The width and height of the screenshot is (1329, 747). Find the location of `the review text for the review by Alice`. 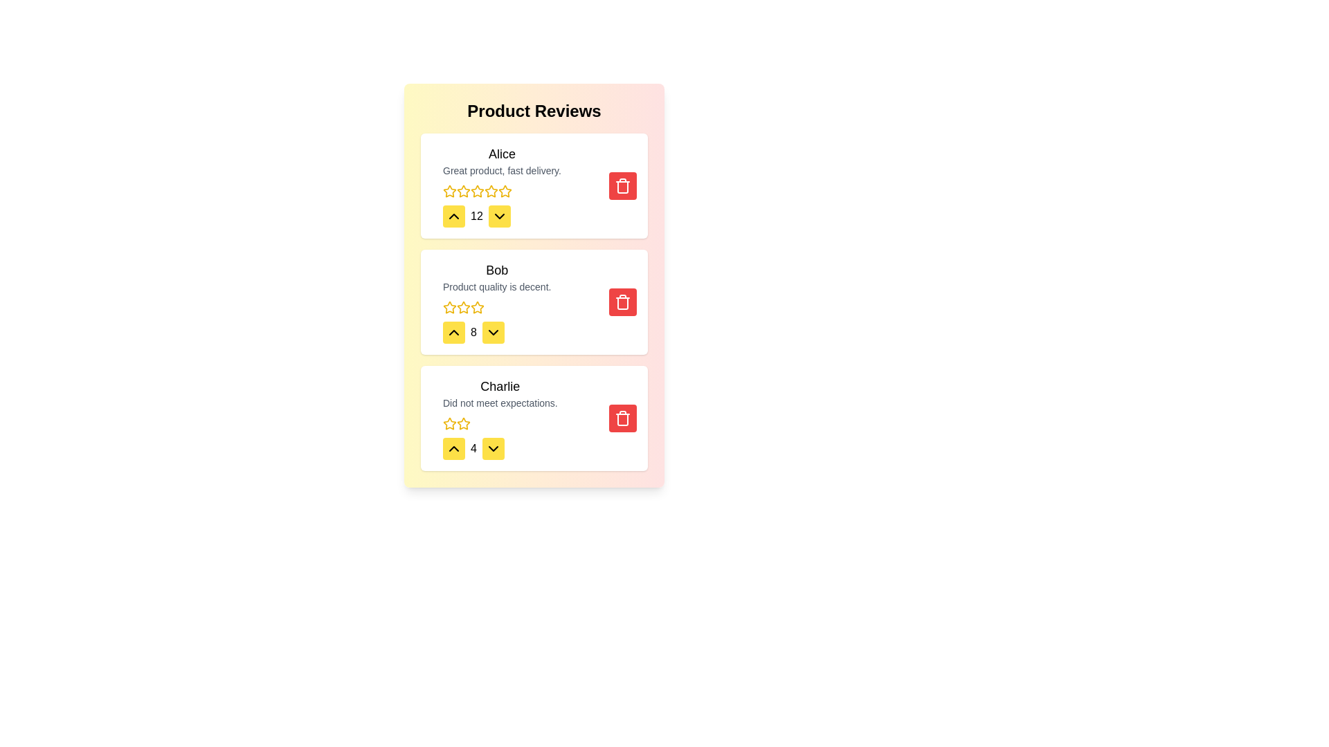

the review text for the review by Alice is located at coordinates (442, 144).